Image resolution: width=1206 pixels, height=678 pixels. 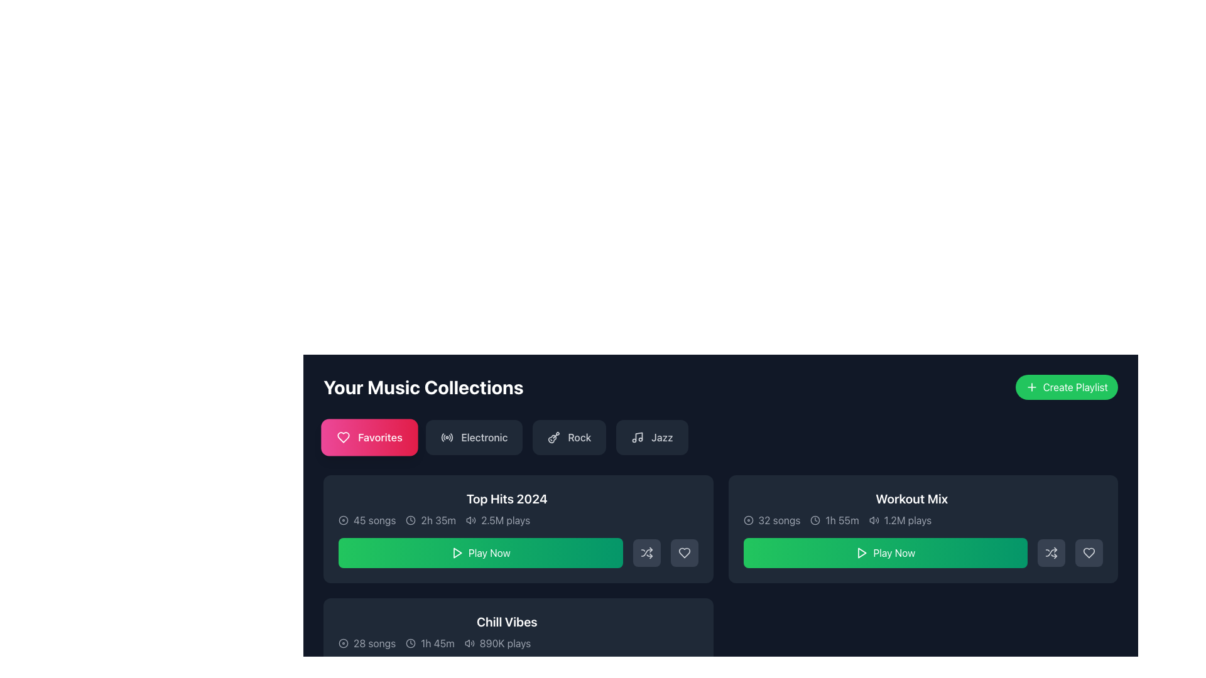 I want to click on the triangular play icon located in the center of the 'Play Now' button under the 'Workout Mix' heading to initiate playback, so click(x=861, y=552).